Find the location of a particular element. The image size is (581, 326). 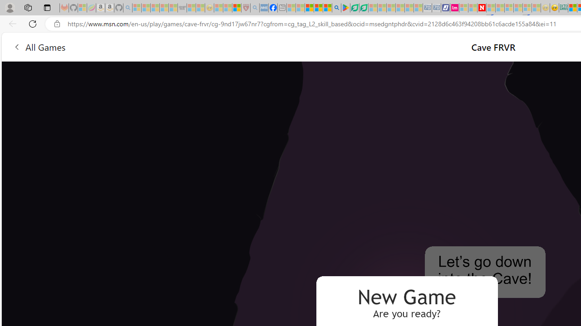

'Microsoft account | Privacy - Sleeping' is located at coordinates (463, 8).